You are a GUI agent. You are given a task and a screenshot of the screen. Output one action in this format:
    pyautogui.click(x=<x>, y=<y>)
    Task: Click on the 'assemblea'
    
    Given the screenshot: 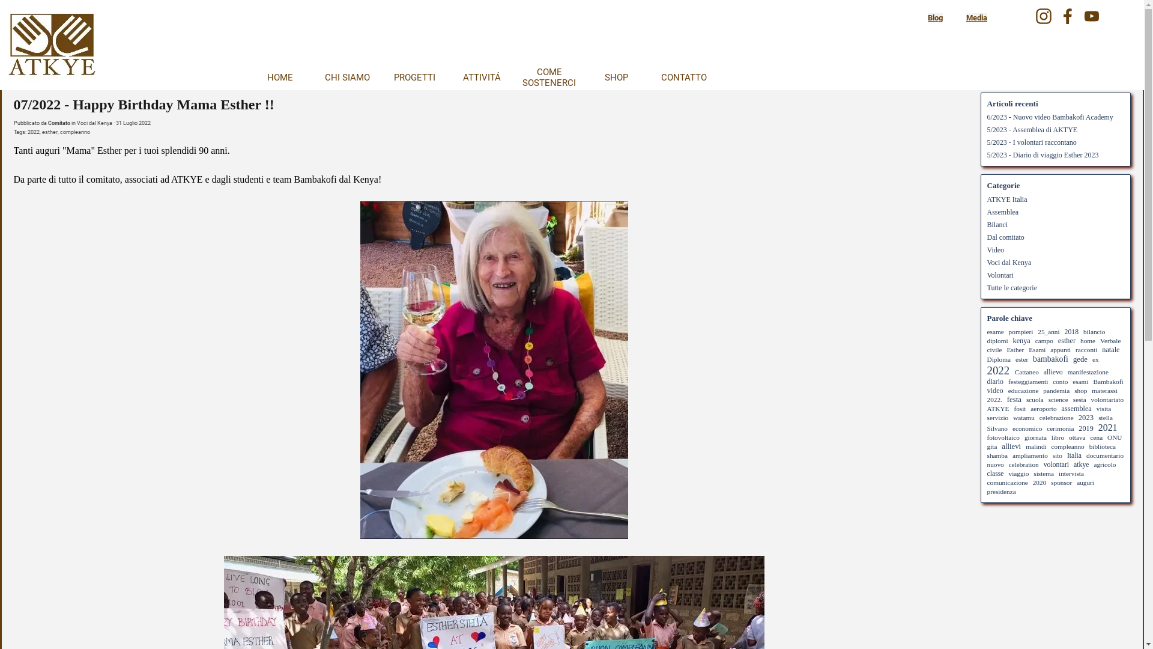 What is the action you would take?
    pyautogui.click(x=1077, y=407)
    